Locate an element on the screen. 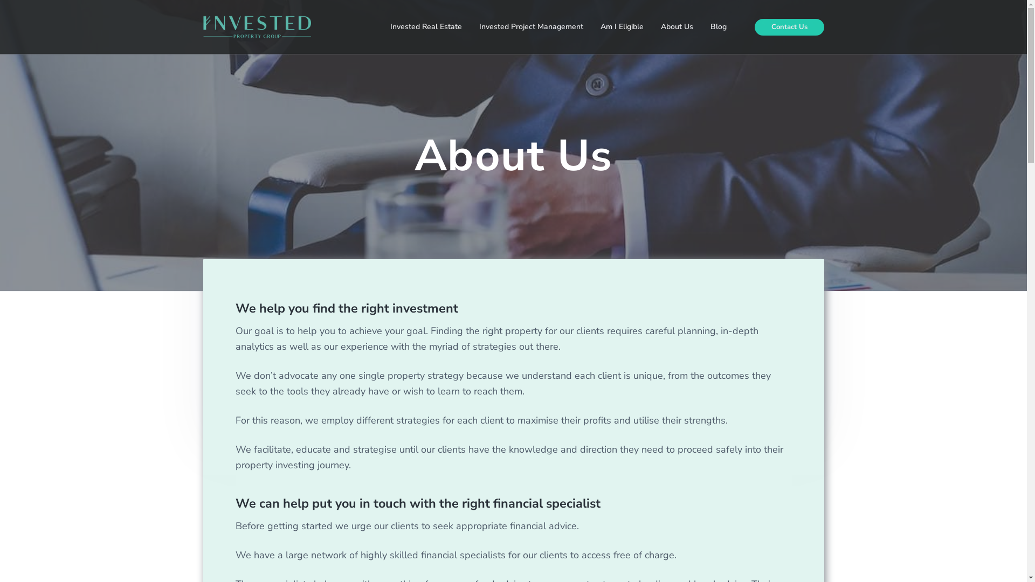 Image resolution: width=1035 pixels, height=582 pixels. 'Skip to primary navigation' is located at coordinates (0, 0).